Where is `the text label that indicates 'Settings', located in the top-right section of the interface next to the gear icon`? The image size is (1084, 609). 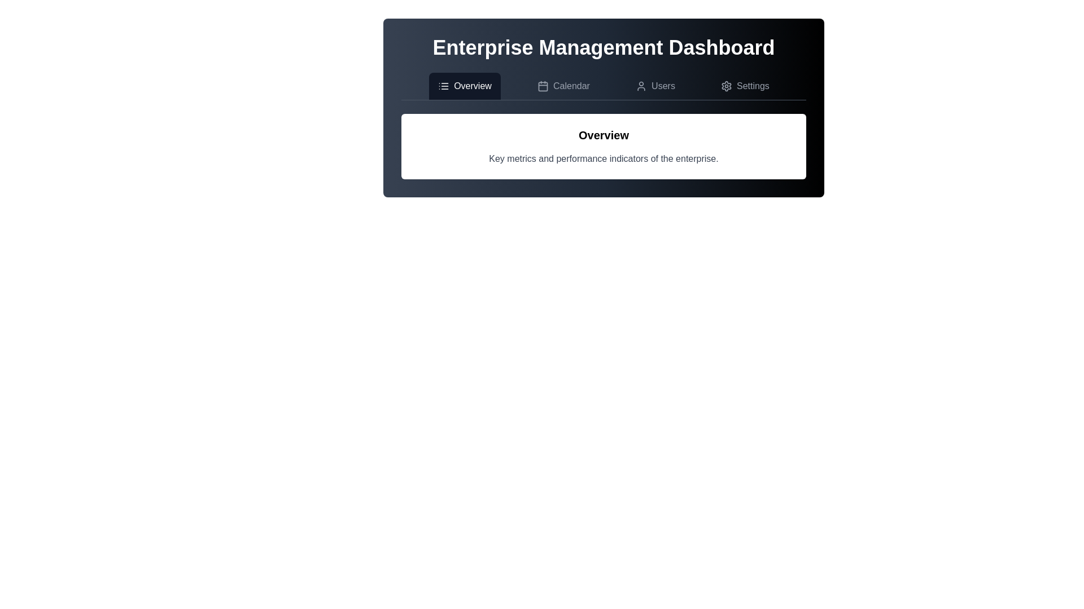
the text label that indicates 'Settings', located in the top-right section of the interface next to the gear icon is located at coordinates (753, 86).